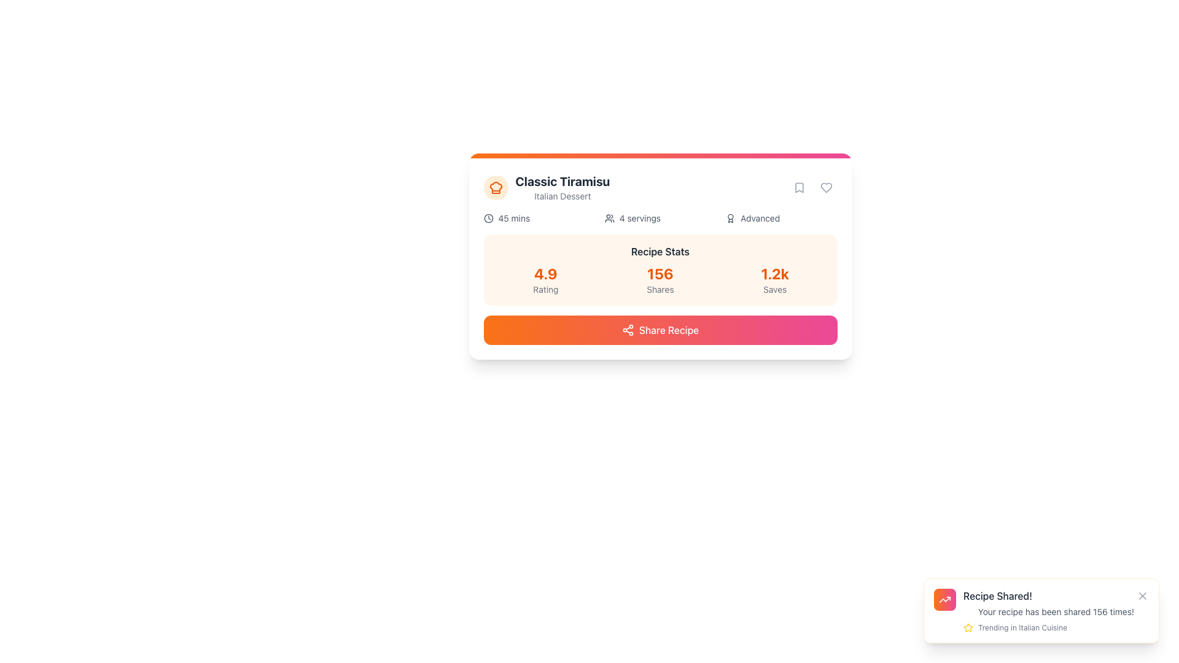 The image size is (1179, 663). Describe the element at coordinates (944, 599) in the screenshot. I see `the trending arrow icon located within the rounded rectangle badge at the bottom right corner of the notification card` at that location.